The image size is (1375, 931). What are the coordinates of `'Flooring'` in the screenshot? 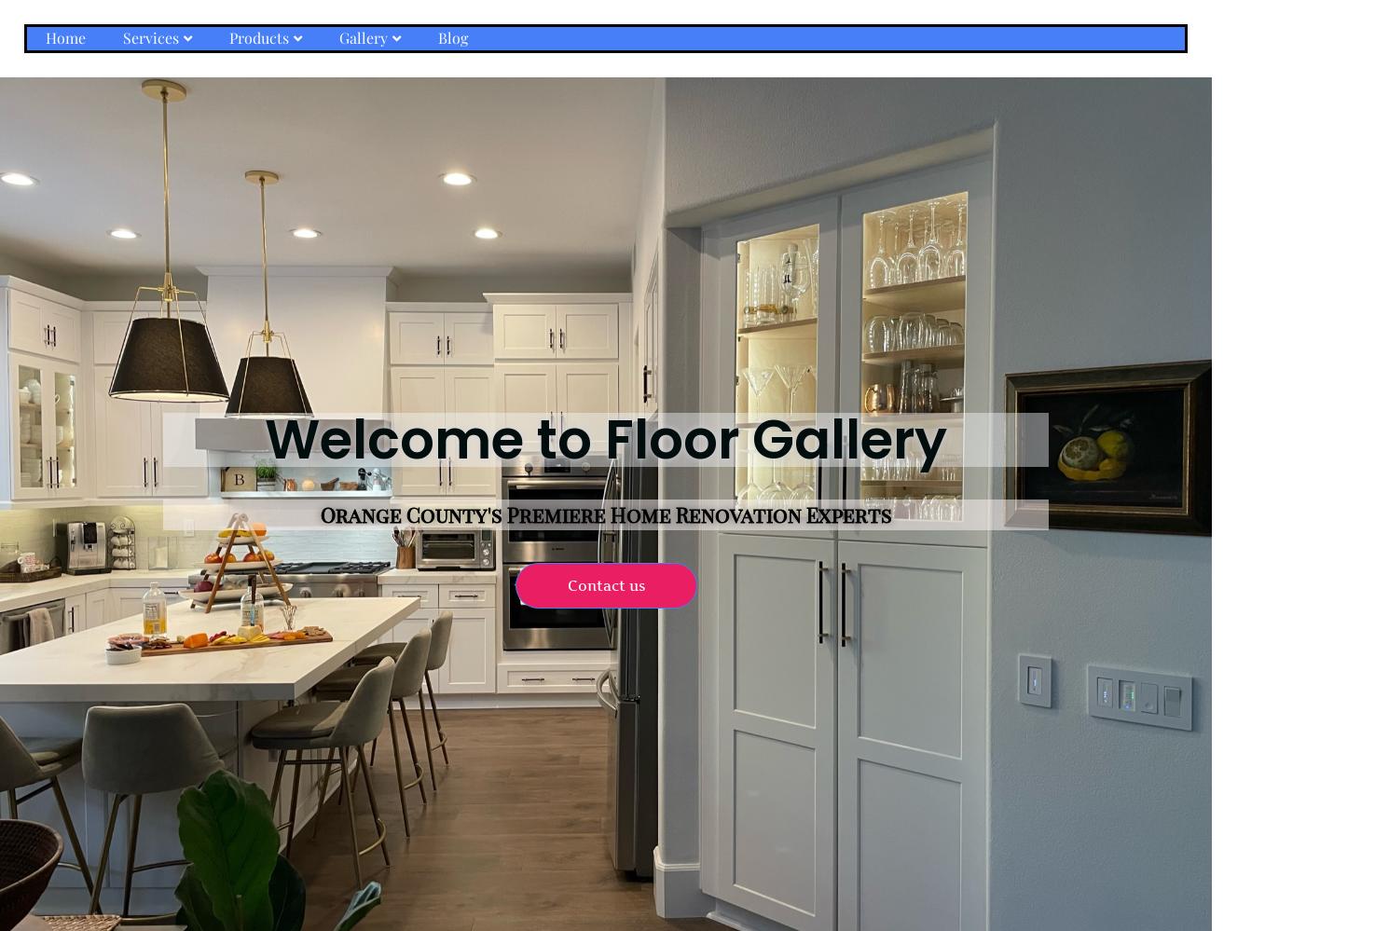 It's located at (251, 161).